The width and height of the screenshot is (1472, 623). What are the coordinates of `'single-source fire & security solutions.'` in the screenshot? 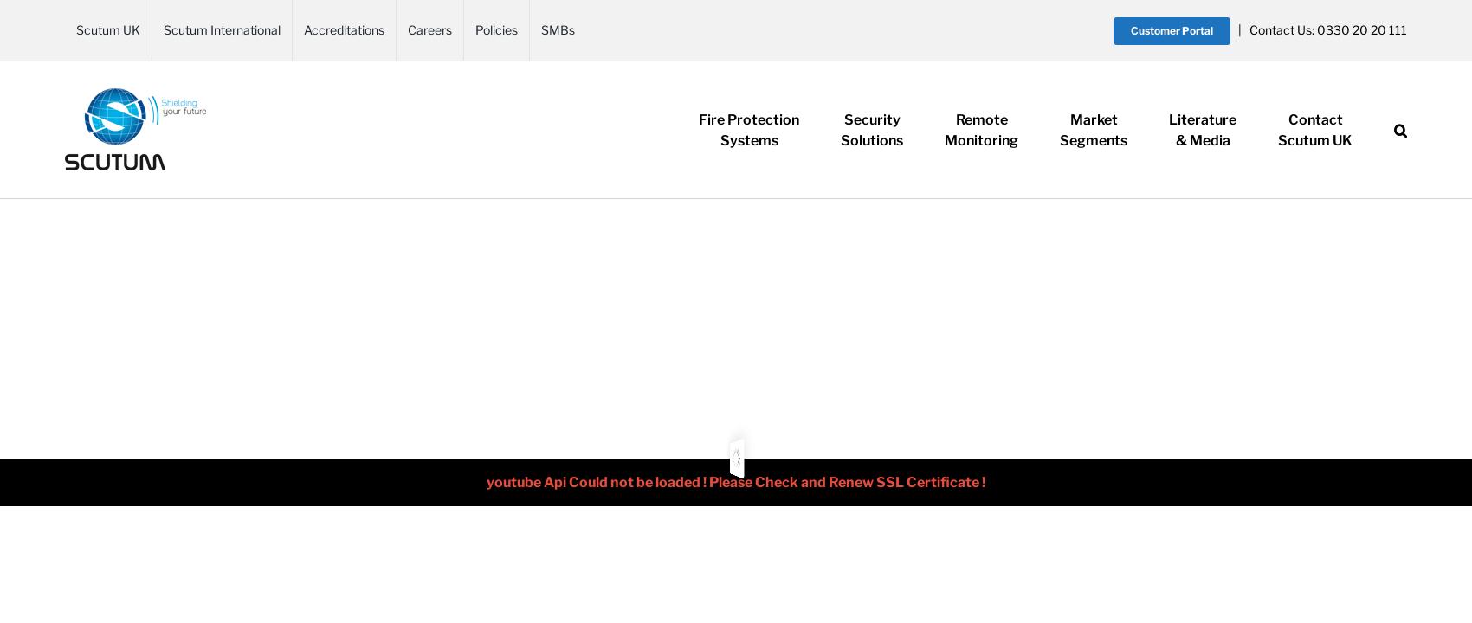 It's located at (120, 230).